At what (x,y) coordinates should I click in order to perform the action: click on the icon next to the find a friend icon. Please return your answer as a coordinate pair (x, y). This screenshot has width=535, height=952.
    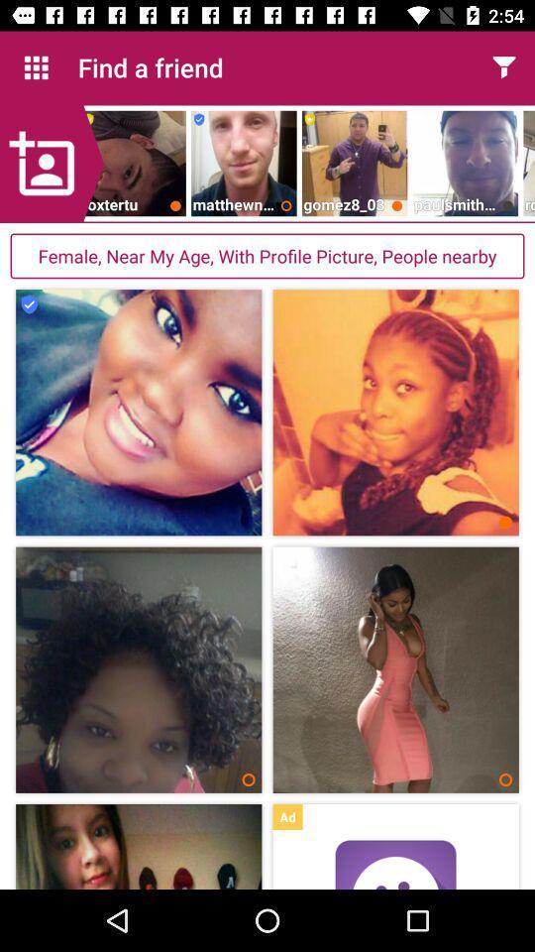
    Looking at the image, I should click on (36, 67).